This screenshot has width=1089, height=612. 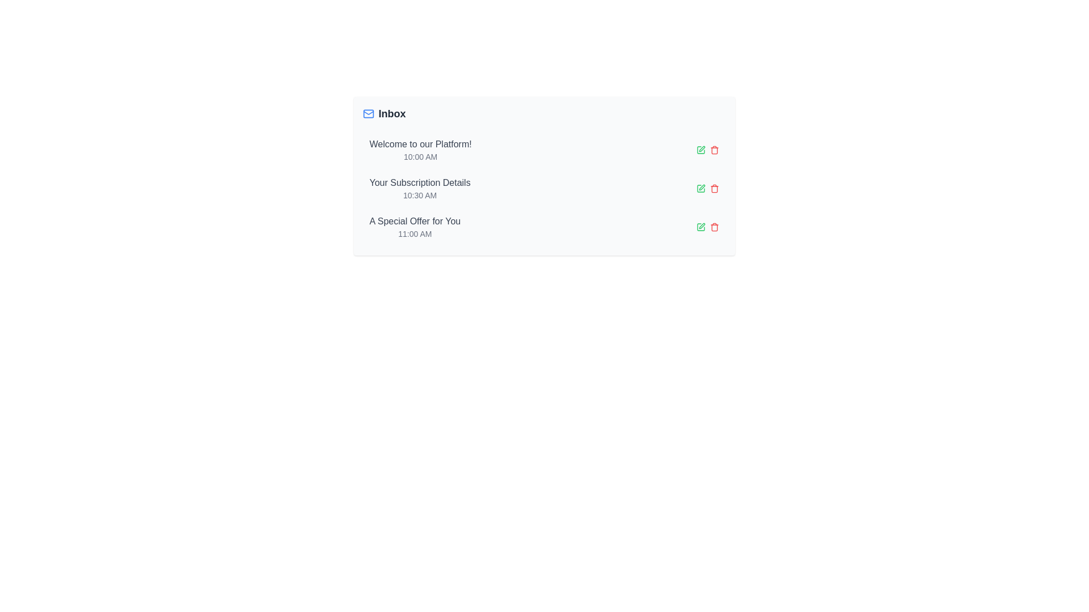 What do you see at coordinates (700, 188) in the screenshot?
I see `the green square-shaped icon located at the right-most side of the second list item in the interface` at bounding box center [700, 188].